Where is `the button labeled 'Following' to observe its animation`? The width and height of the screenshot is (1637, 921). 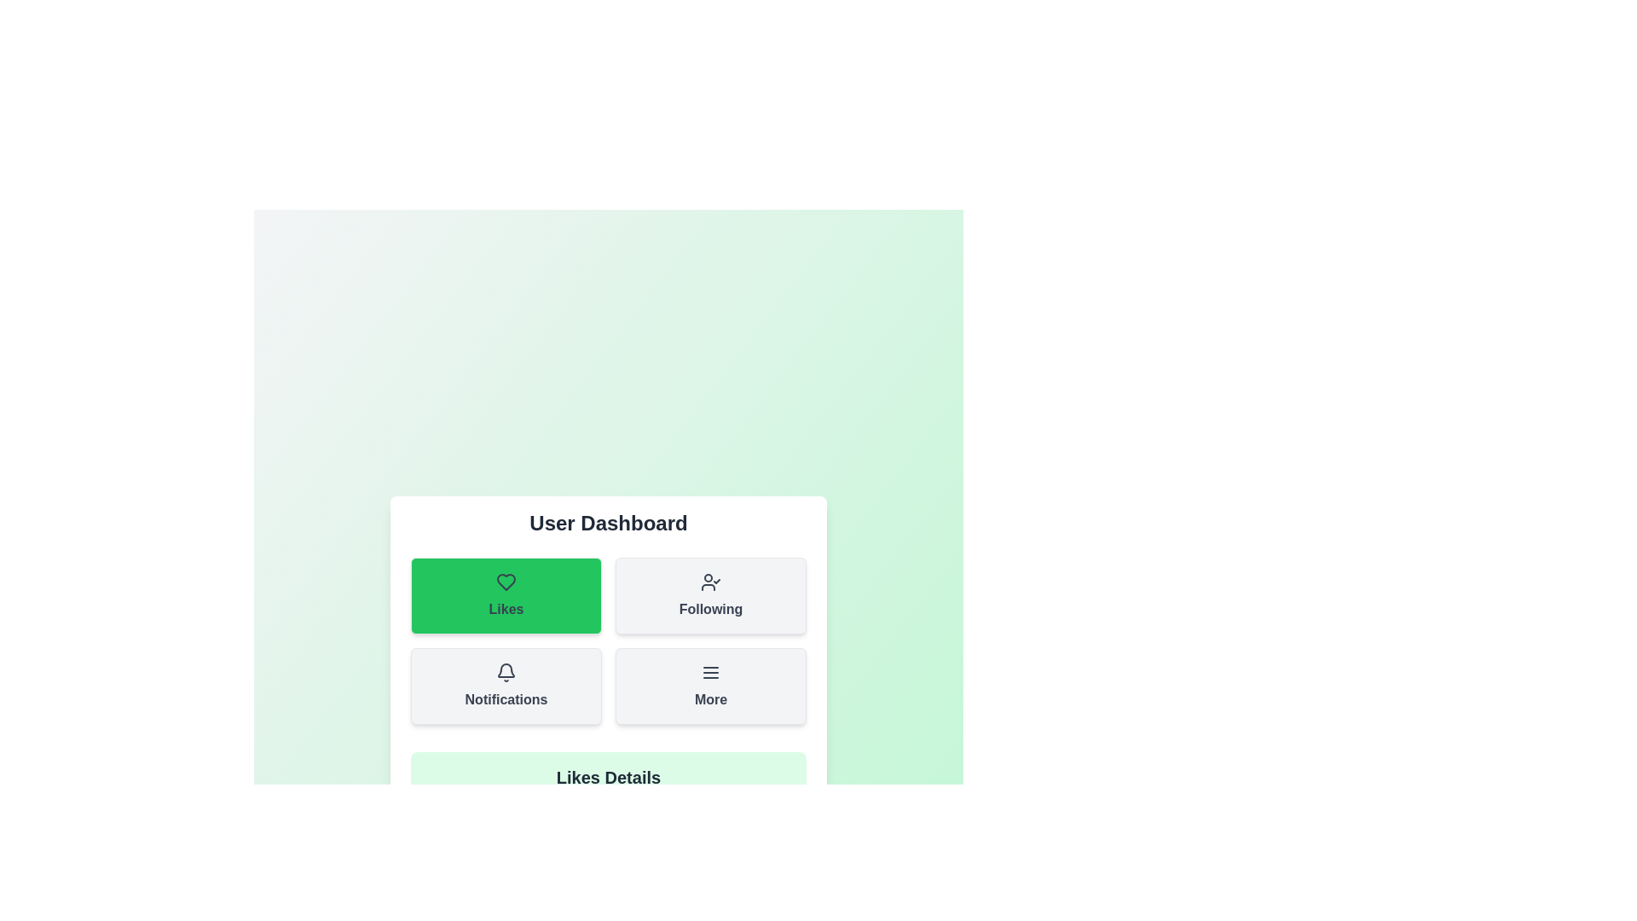
the button labeled 'Following' to observe its animation is located at coordinates (711, 594).